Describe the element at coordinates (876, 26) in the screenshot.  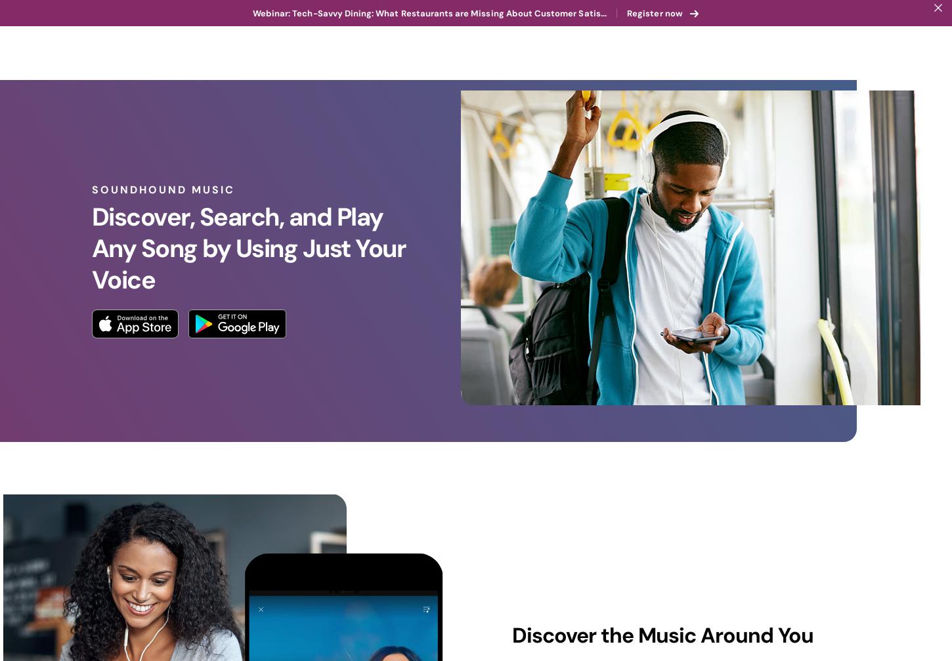
I see `'Talk to an expert'` at that location.